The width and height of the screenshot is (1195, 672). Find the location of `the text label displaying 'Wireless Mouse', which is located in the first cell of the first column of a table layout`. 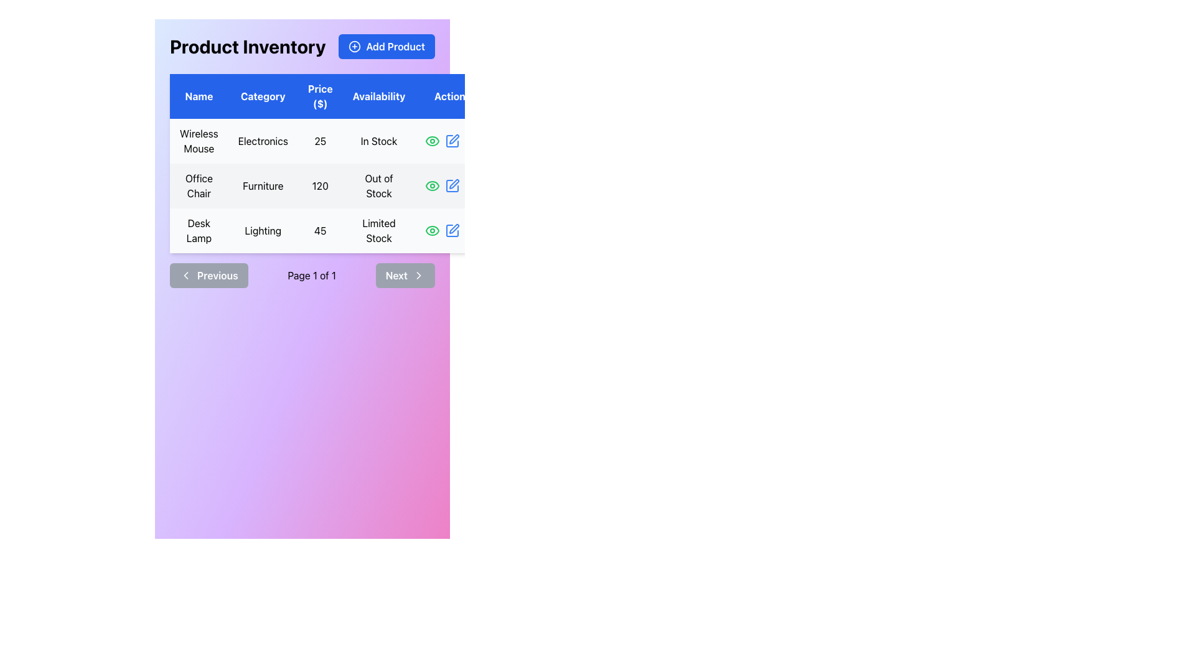

the text label displaying 'Wireless Mouse', which is located in the first cell of the first column of a table layout is located at coordinates (198, 141).